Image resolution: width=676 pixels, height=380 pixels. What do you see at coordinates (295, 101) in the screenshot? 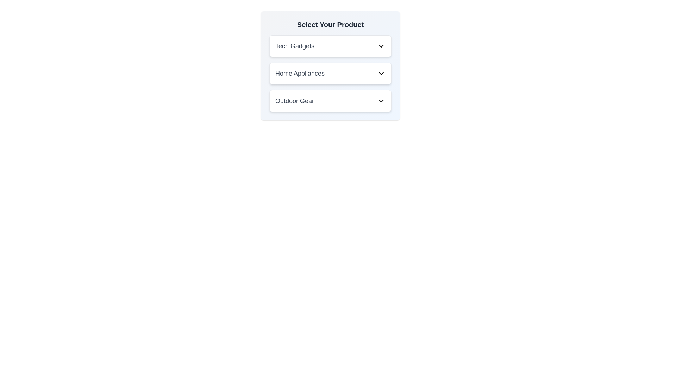
I see `the static text label 'Outdoor Gear' that is styled with medium font weight and gray color, located under the 'Select Your Product' dropdown component` at bounding box center [295, 101].